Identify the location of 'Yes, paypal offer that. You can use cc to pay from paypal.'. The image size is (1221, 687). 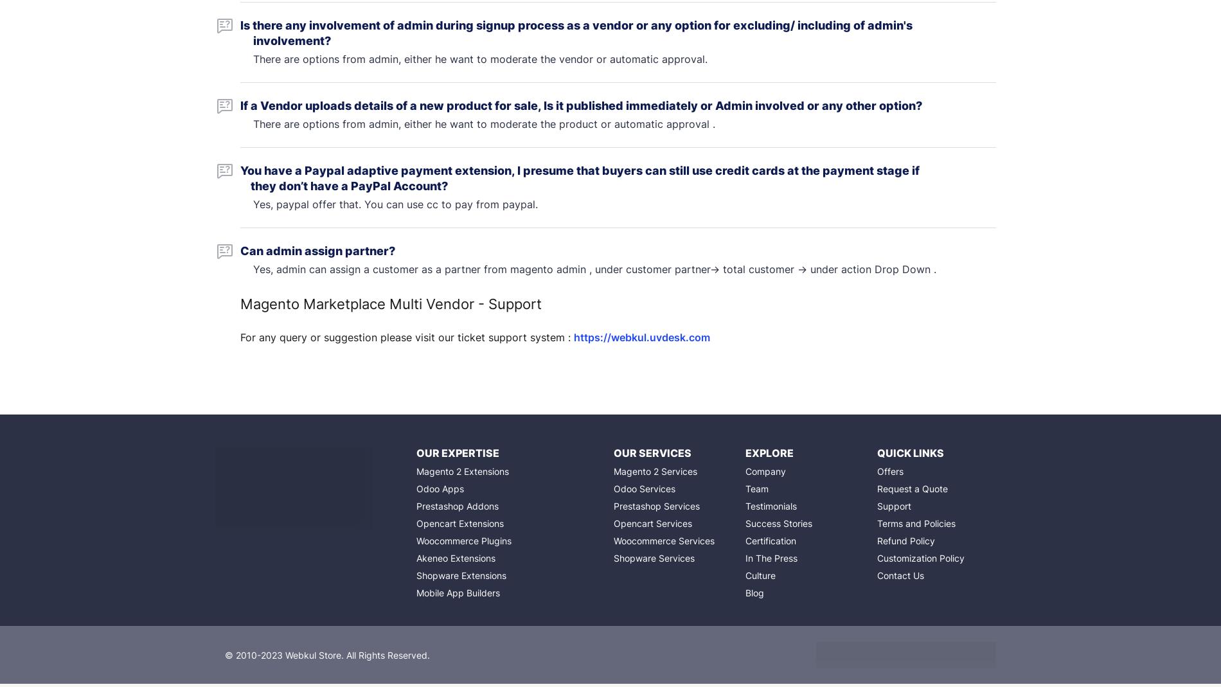
(239, 204).